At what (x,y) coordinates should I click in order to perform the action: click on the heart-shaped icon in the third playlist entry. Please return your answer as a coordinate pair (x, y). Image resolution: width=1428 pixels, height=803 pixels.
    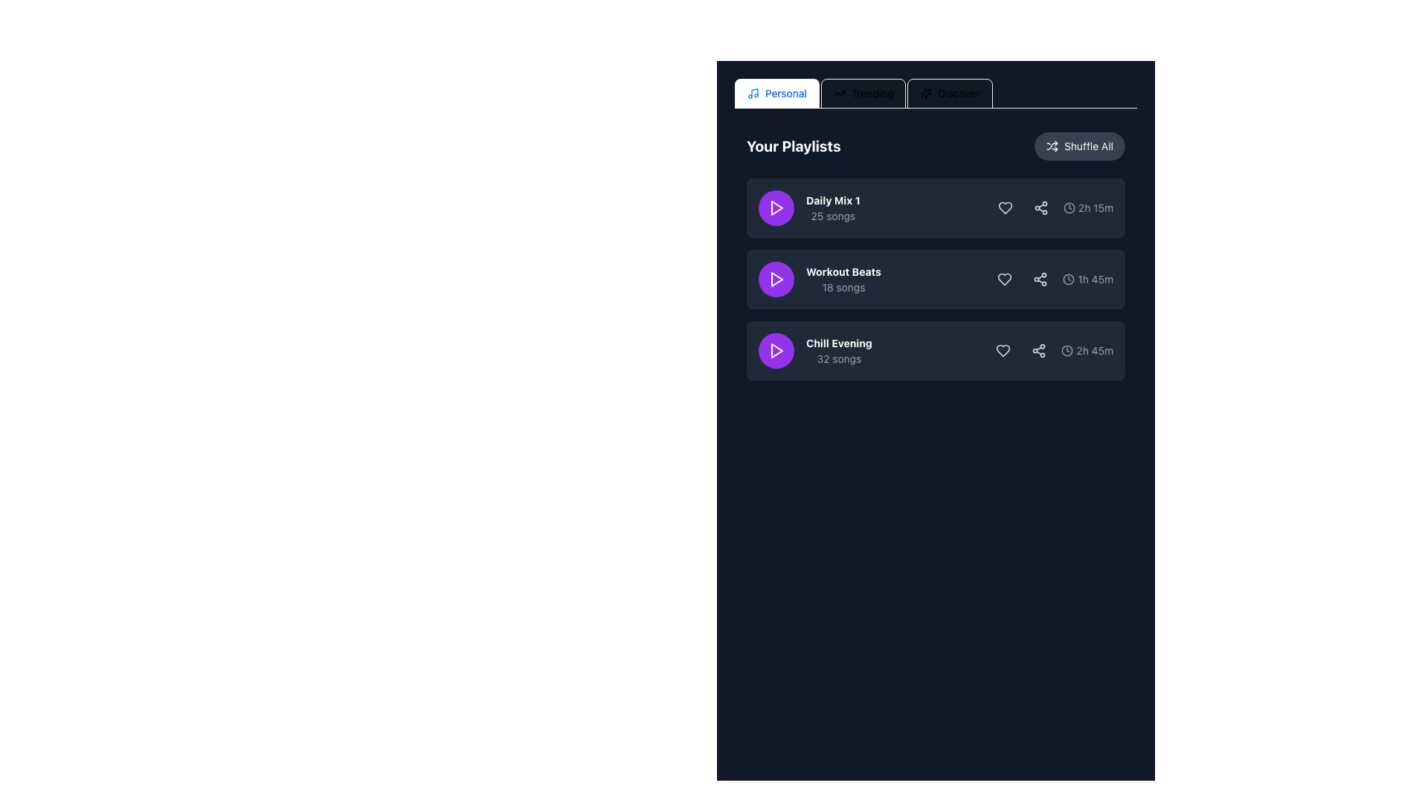
    Looking at the image, I should click on (1003, 350).